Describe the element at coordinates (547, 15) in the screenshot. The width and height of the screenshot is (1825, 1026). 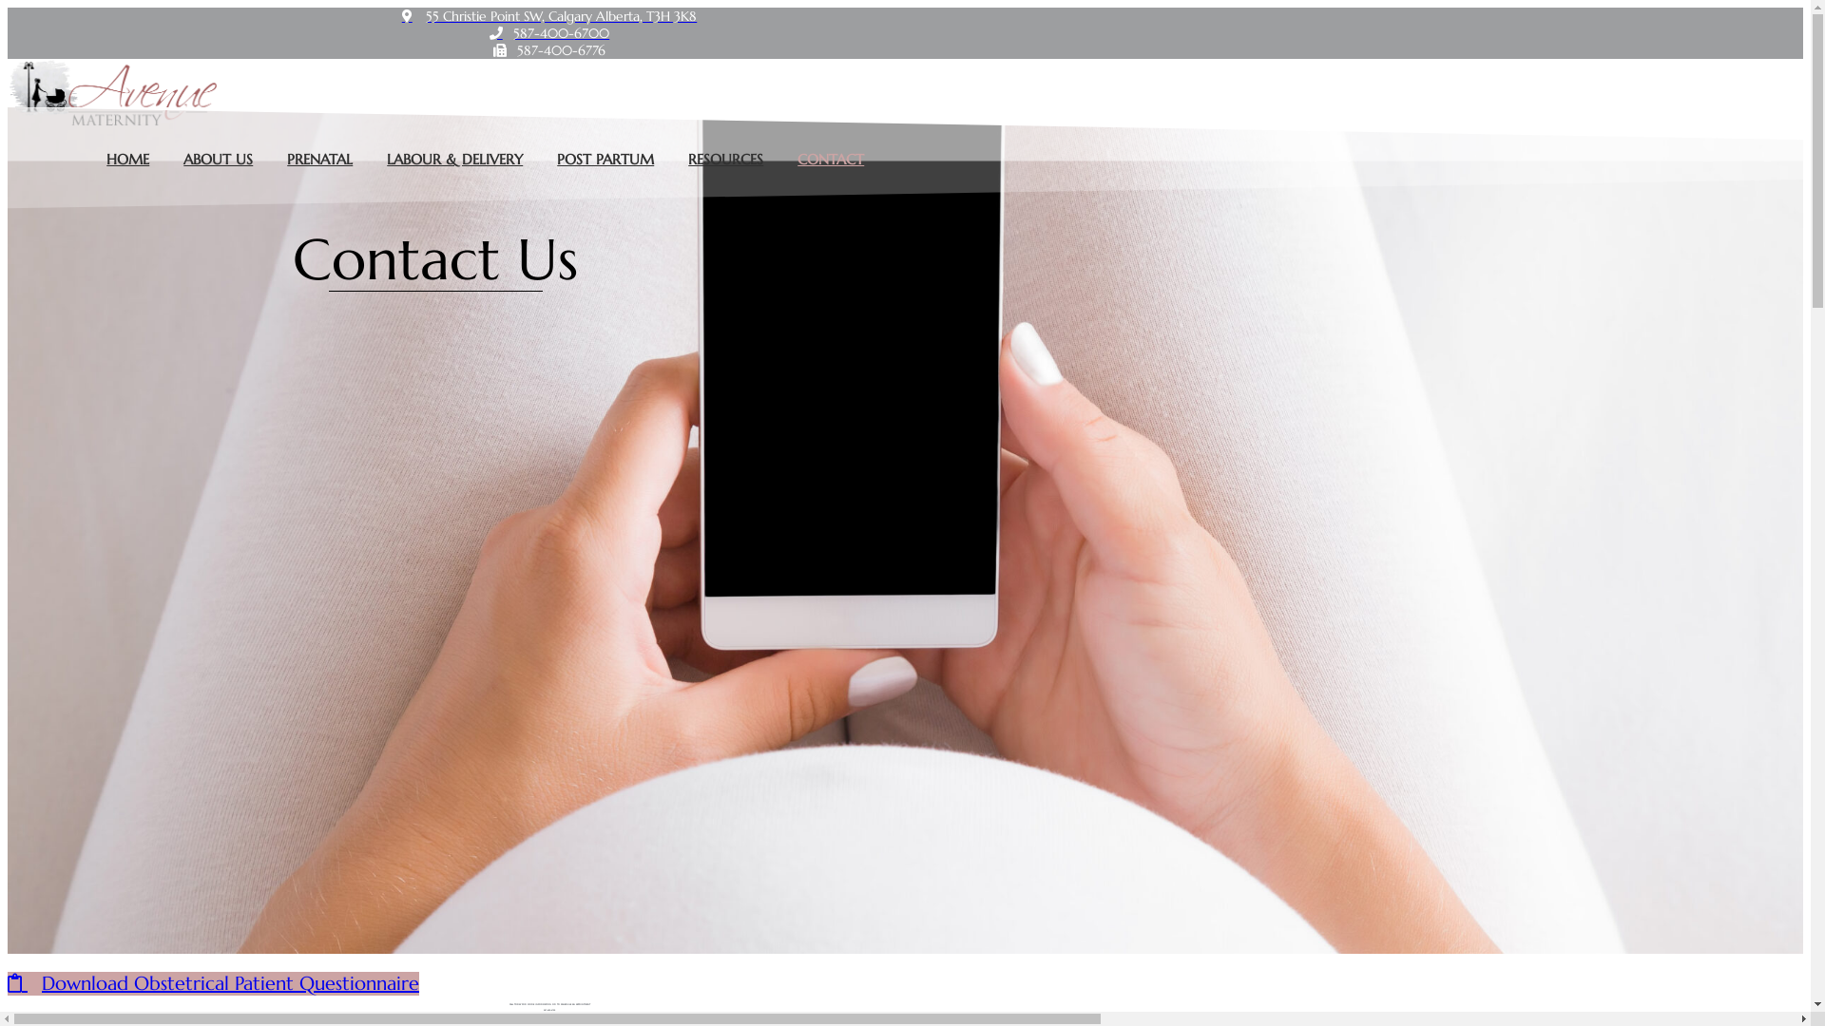
I see `'55 Christie Point SW, Calgary Alberta, T3H 3K8'` at that location.